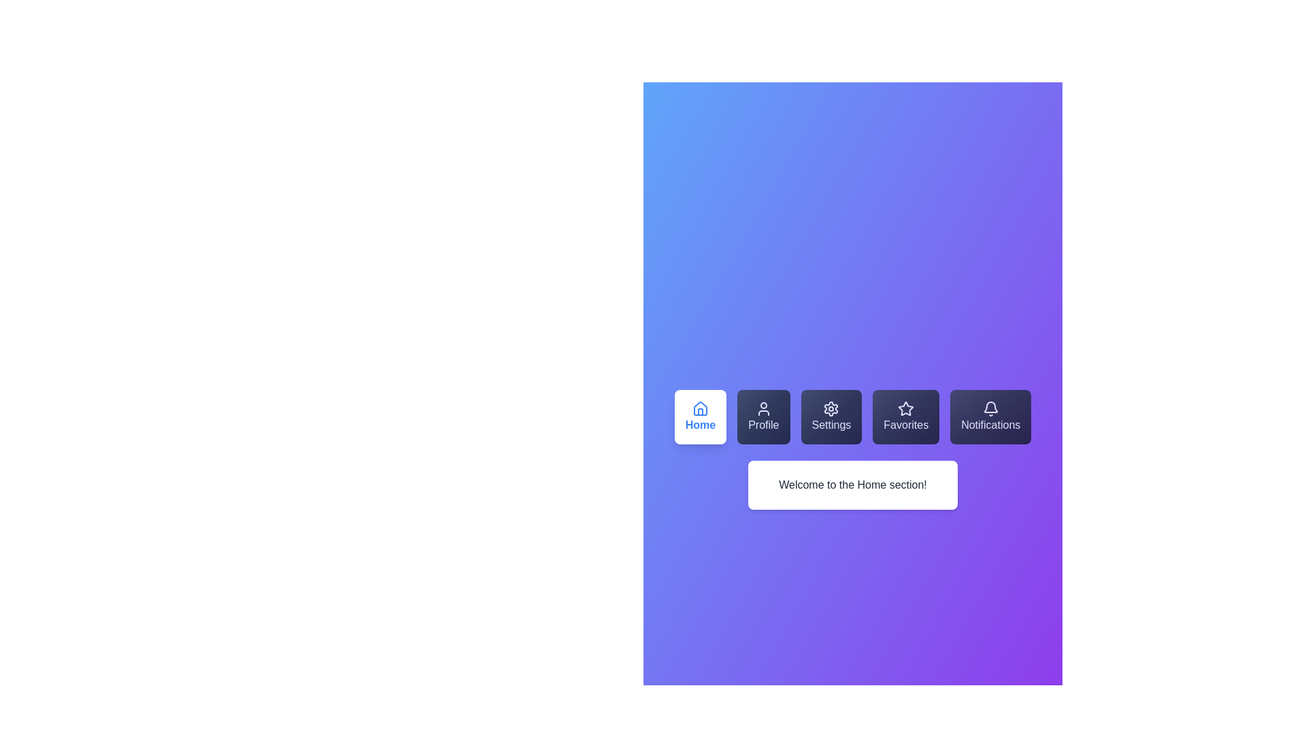  Describe the element at coordinates (906, 424) in the screenshot. I see `the text content of the Text Label located under the star icon within the dark, semi-transparent card` at that location.